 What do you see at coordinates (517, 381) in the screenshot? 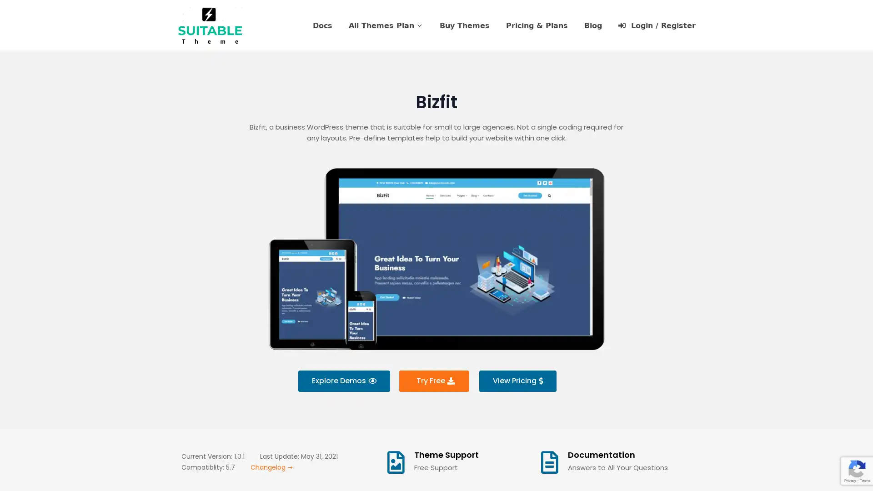
I see `View Pricing` at bounding box center [517, 381].